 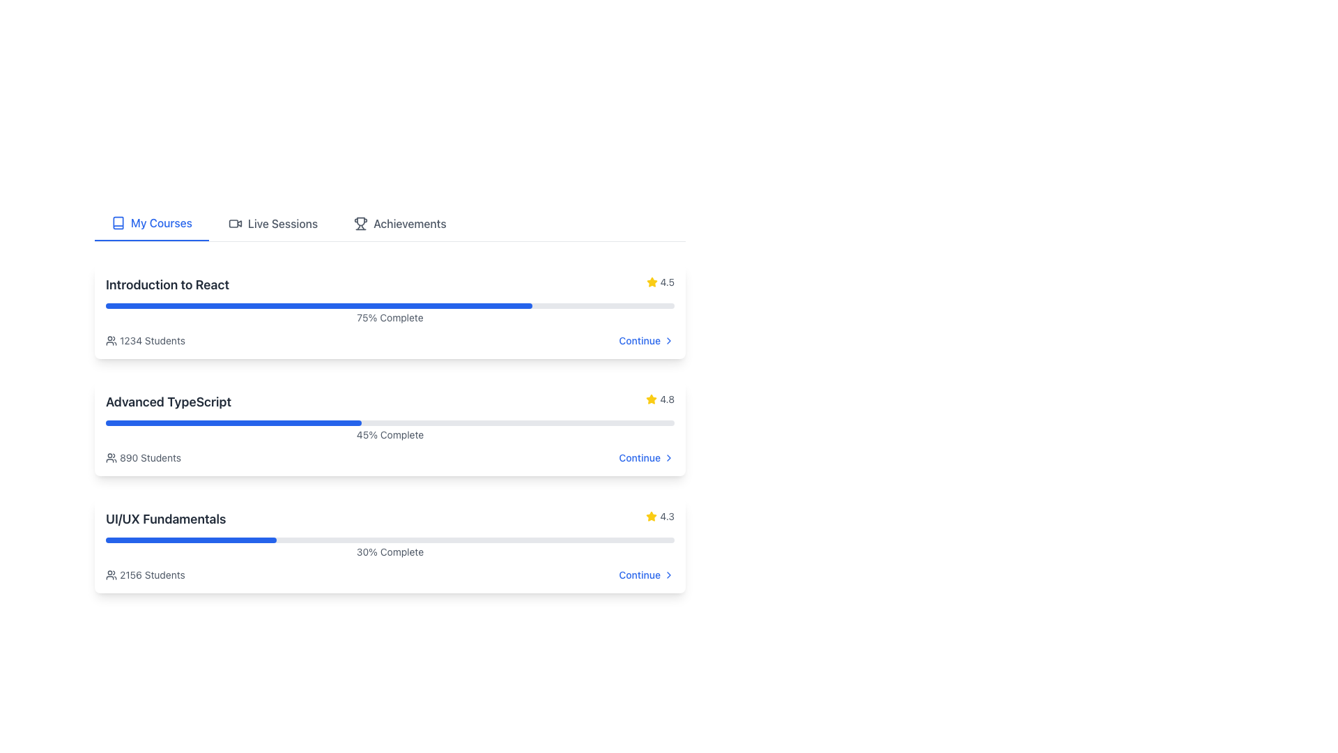 I want to click on the progress bar indicating the user's completion status for the 'UI/UX Fundamentals' course, located near the bottom of the course module, so click(x=390, y=540).